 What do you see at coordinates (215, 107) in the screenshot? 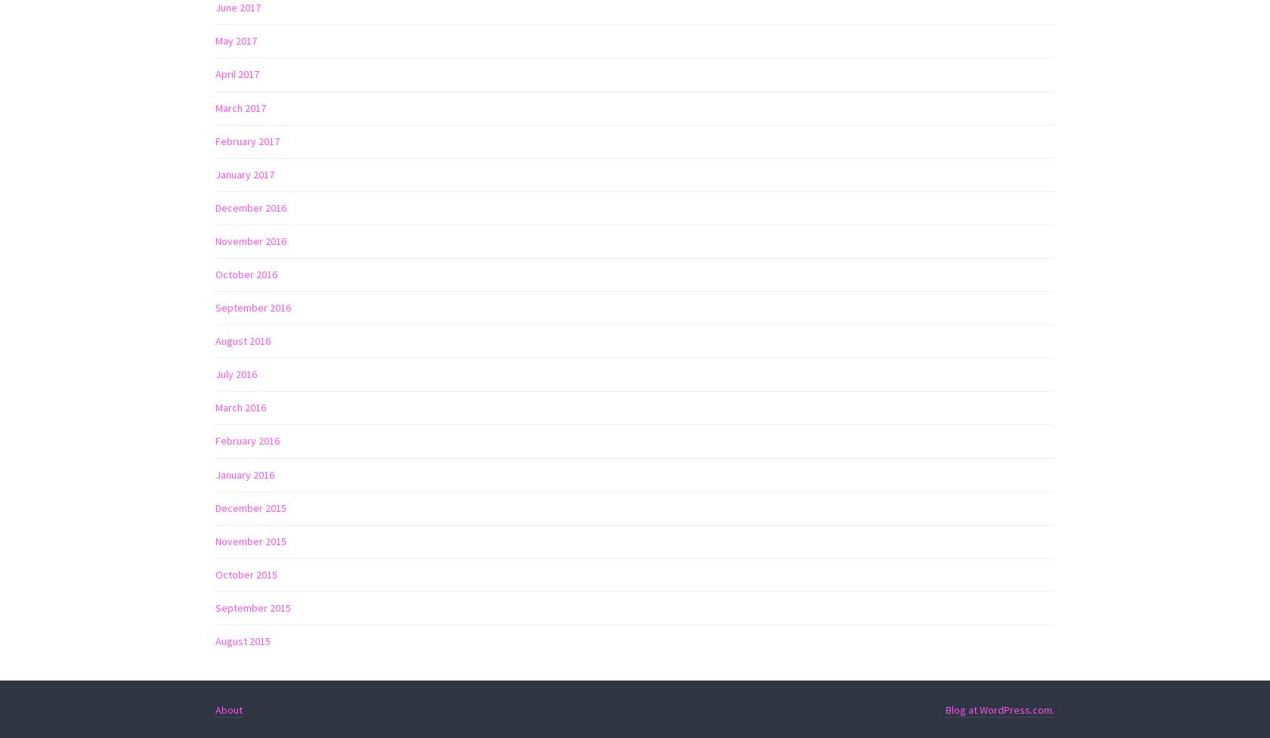
I see `'March 2017'` at bounding box center [215, 107].